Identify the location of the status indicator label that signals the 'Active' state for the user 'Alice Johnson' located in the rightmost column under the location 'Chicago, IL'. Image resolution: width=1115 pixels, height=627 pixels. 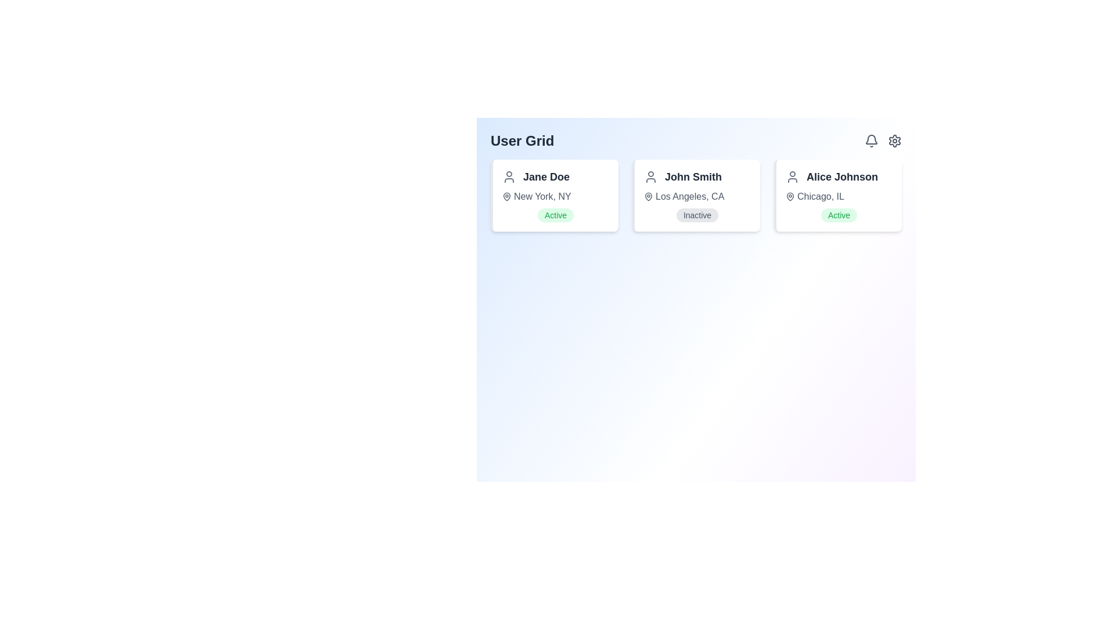
(839, 215).